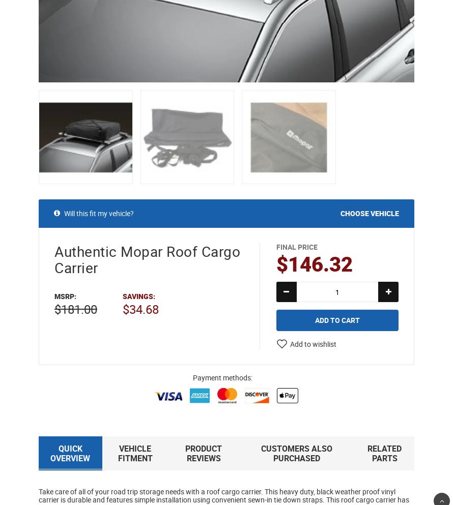 Image resolution: width=453 pixels, height=505 pixels. Describe the element at coordinates (336, 319) in the screenshot. I see `'Add to Cart'` at that location.